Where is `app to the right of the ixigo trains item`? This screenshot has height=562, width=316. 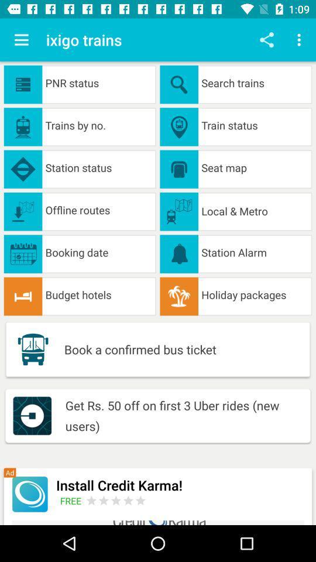 app to the right of the ixigo trains item is located at coordinates (266, 40).